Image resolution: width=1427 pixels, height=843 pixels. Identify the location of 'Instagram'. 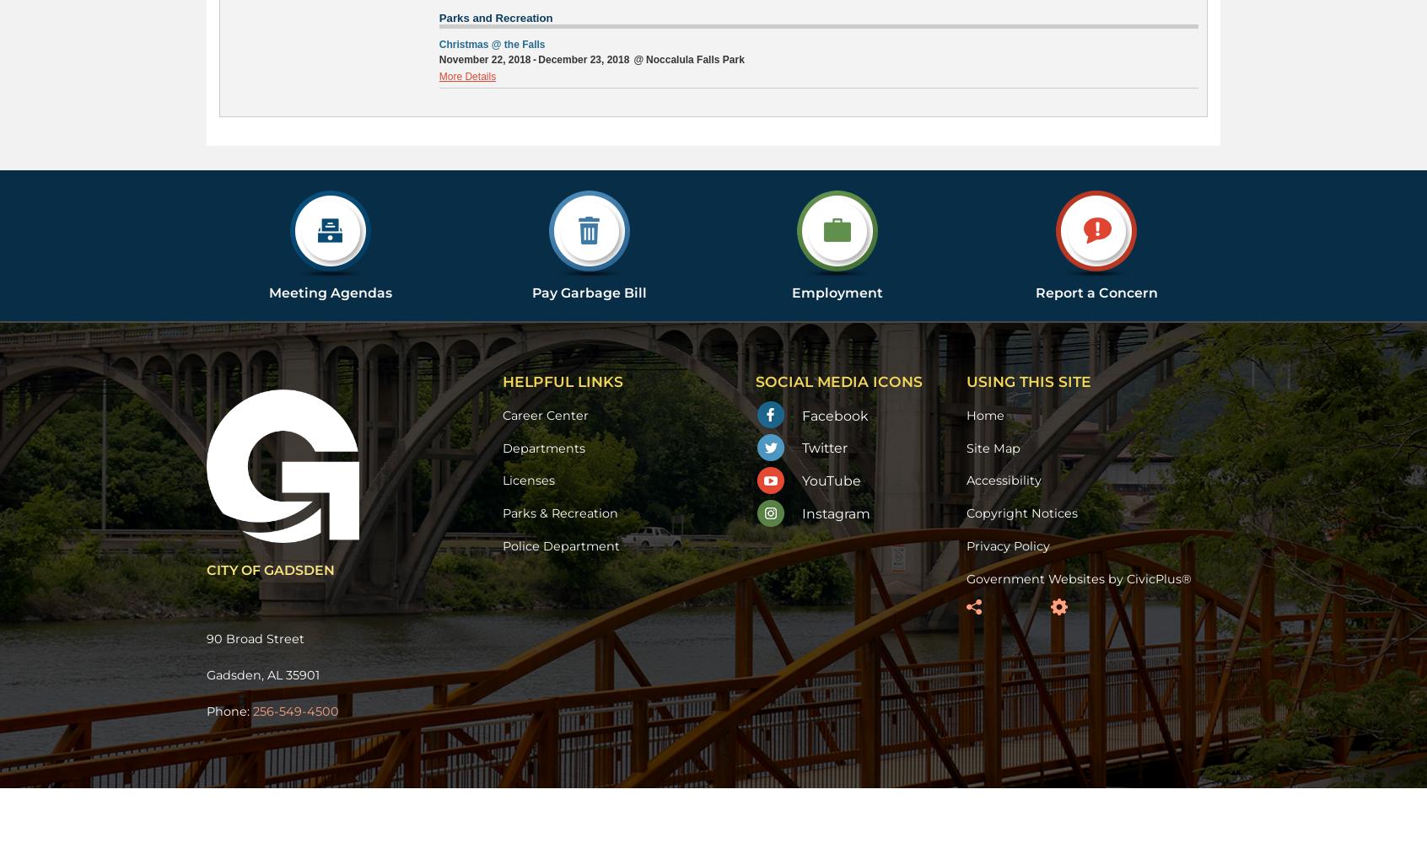
(835, 513).